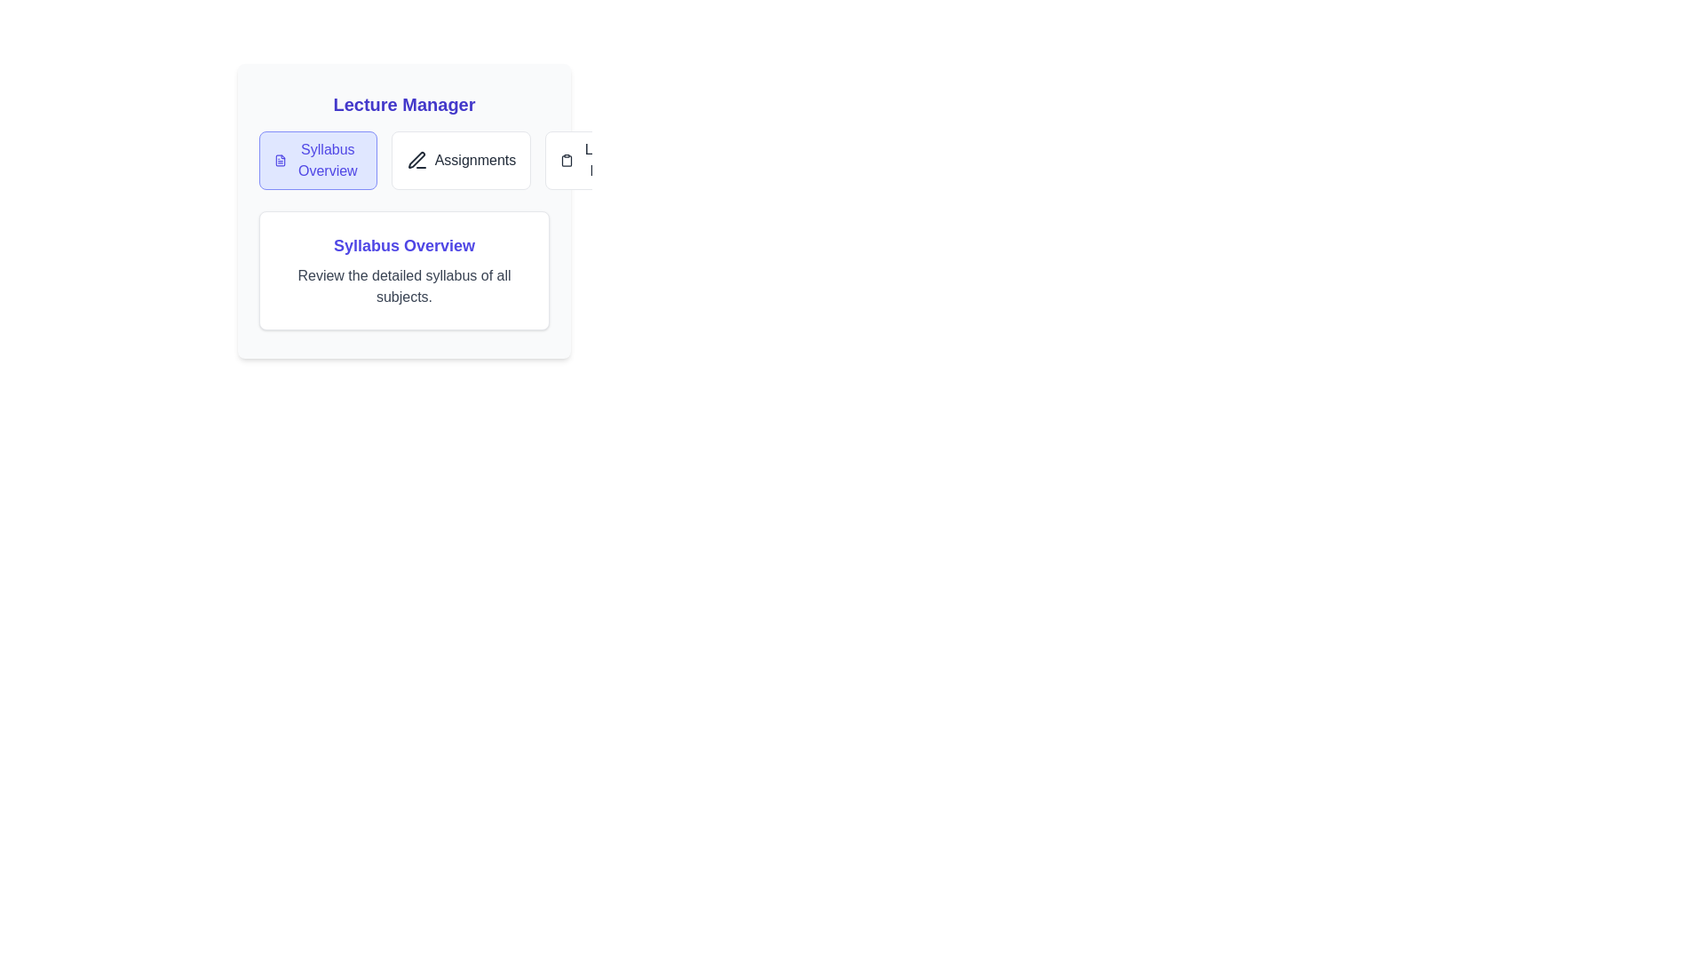  Describe the element at coordinates (328, 161) in the screenshot. I see `the button labeled 'Syllabus Overview', which is the leftmost button in the 'Lecture Manager' section, featuring a light indigo background and purple bold text` at that location.